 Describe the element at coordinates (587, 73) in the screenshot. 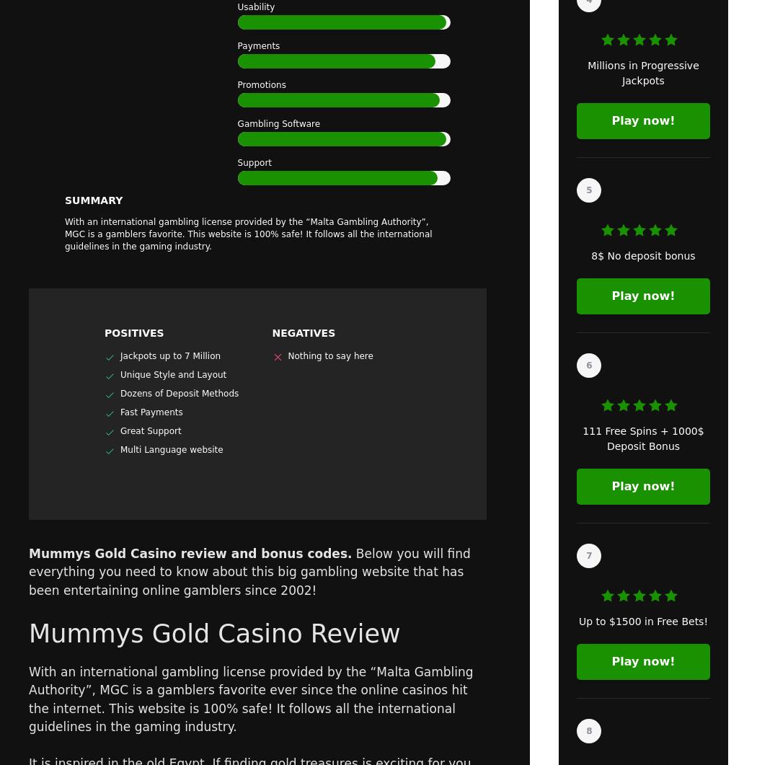

I see `'Millions in Progressive Jackpots'` at that location.